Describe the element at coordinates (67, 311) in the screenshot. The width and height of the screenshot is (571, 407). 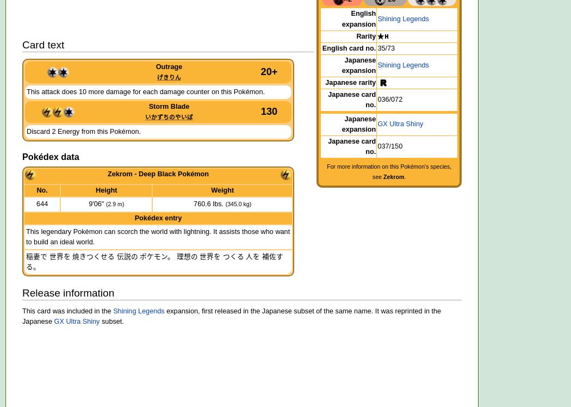
I see `'This card was included in the'` at that location.